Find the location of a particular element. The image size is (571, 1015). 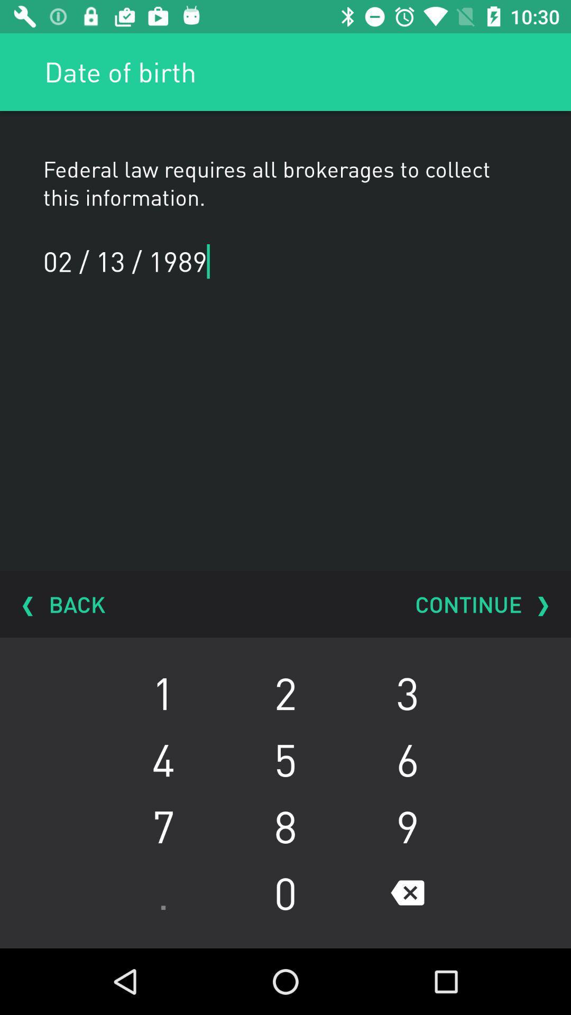

4 icon is located at coordinates (163, 759).